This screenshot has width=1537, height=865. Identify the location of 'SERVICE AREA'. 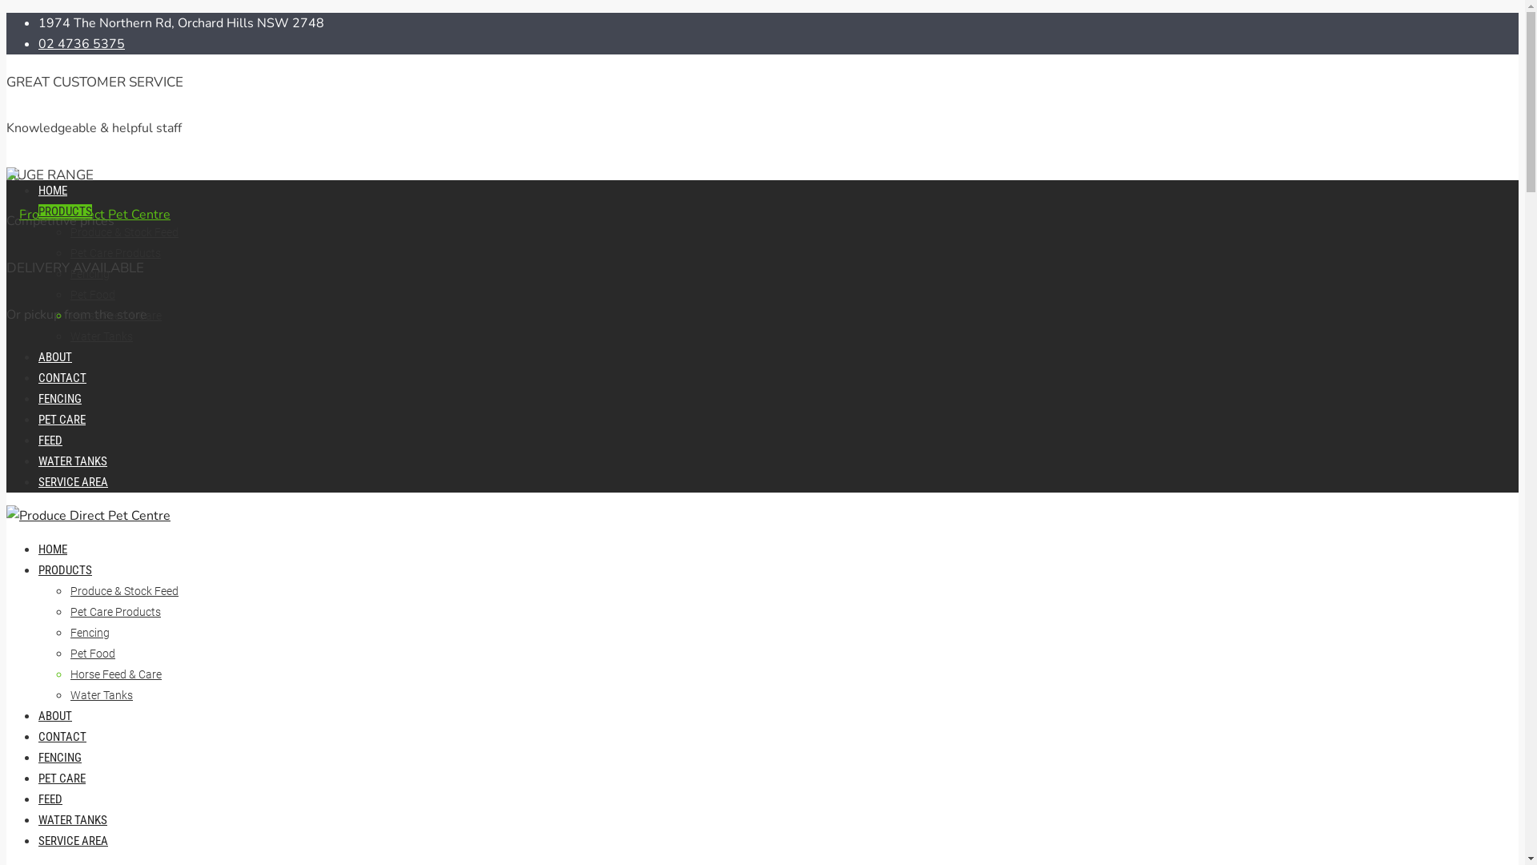
(72, 481).